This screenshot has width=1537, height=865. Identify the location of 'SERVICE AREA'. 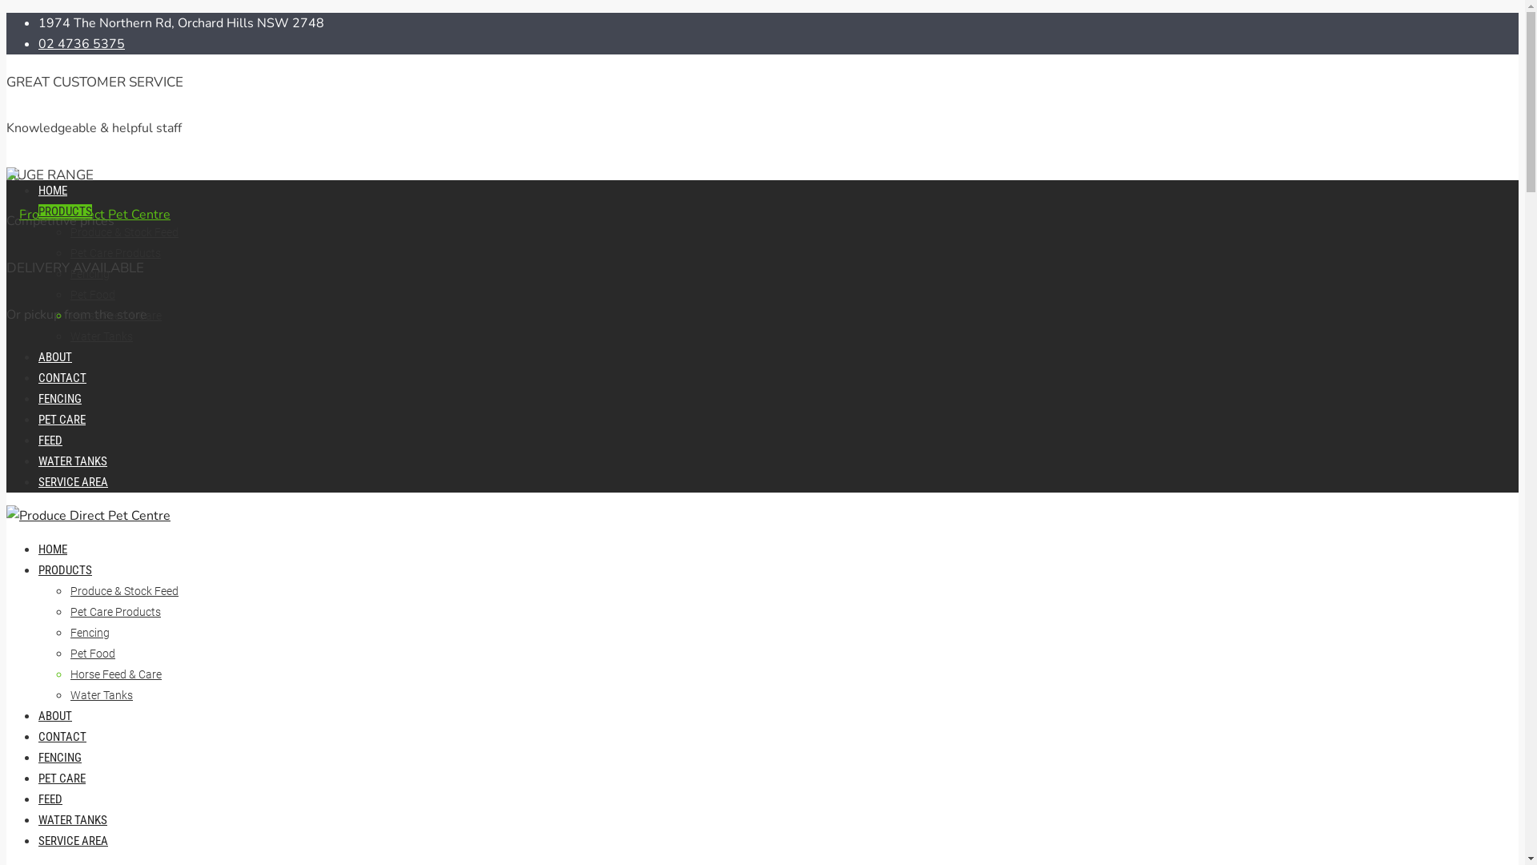
(72, 481).